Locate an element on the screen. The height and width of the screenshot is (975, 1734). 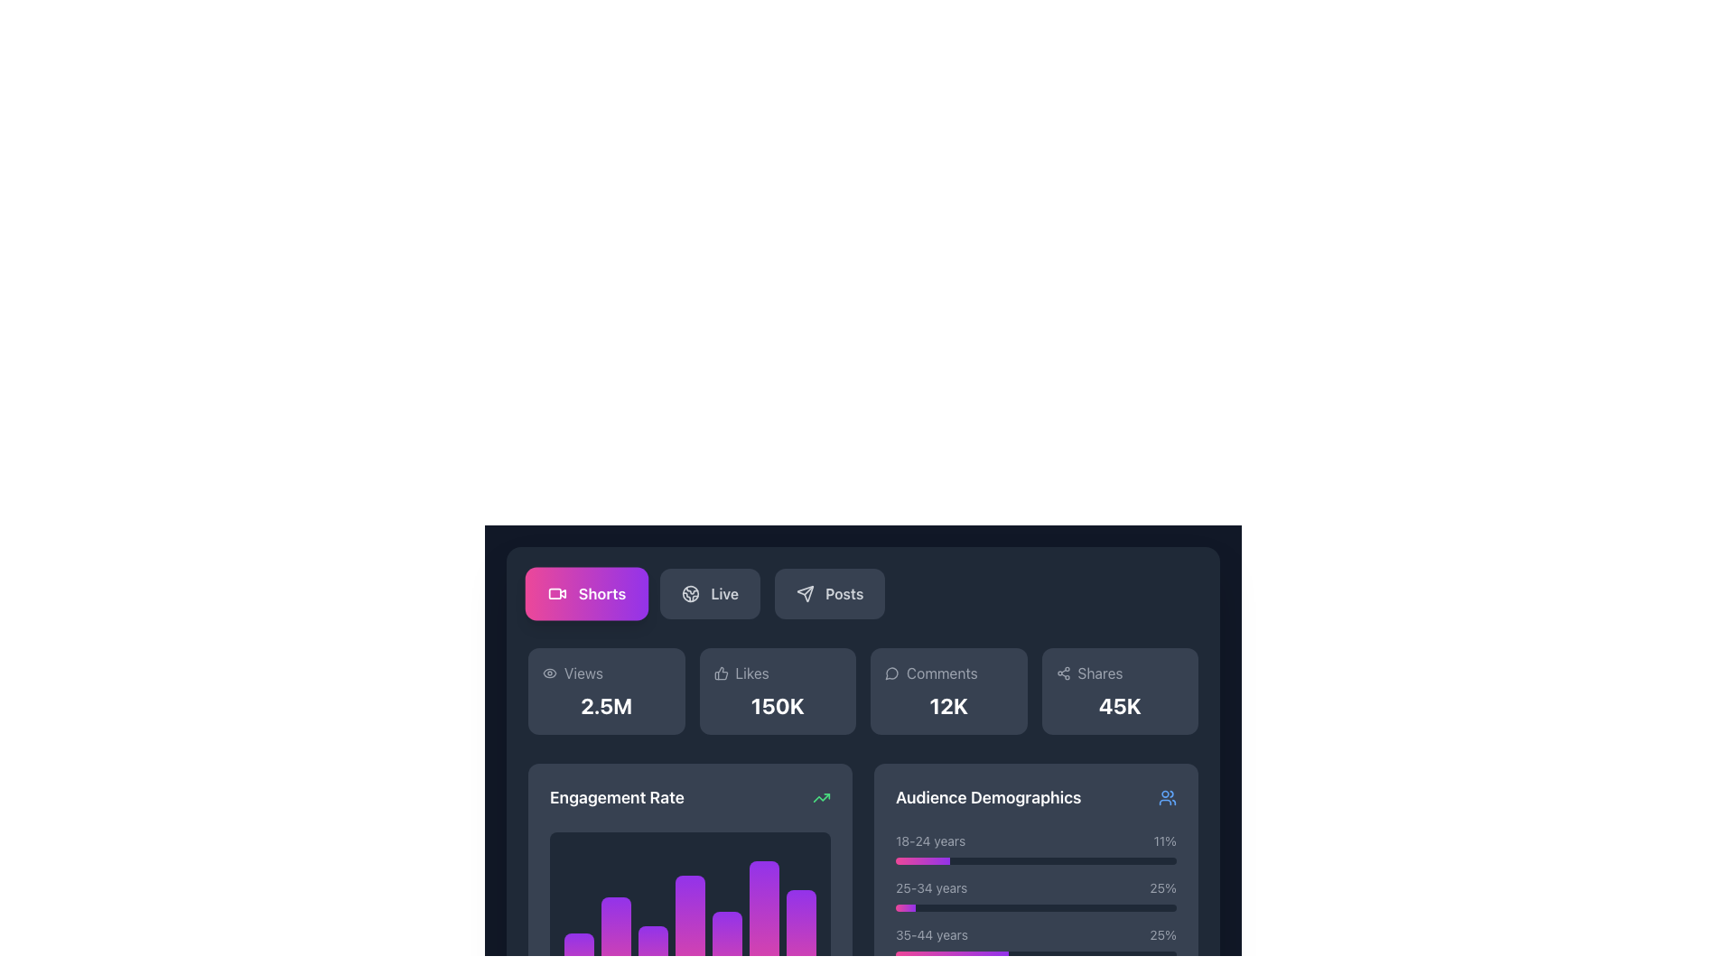
the text label displaying '25%' in gray font, located in the 'Audience Demographics' section, aligned to the right of the '35-44 years' row is located at coordinates (1163, 934).